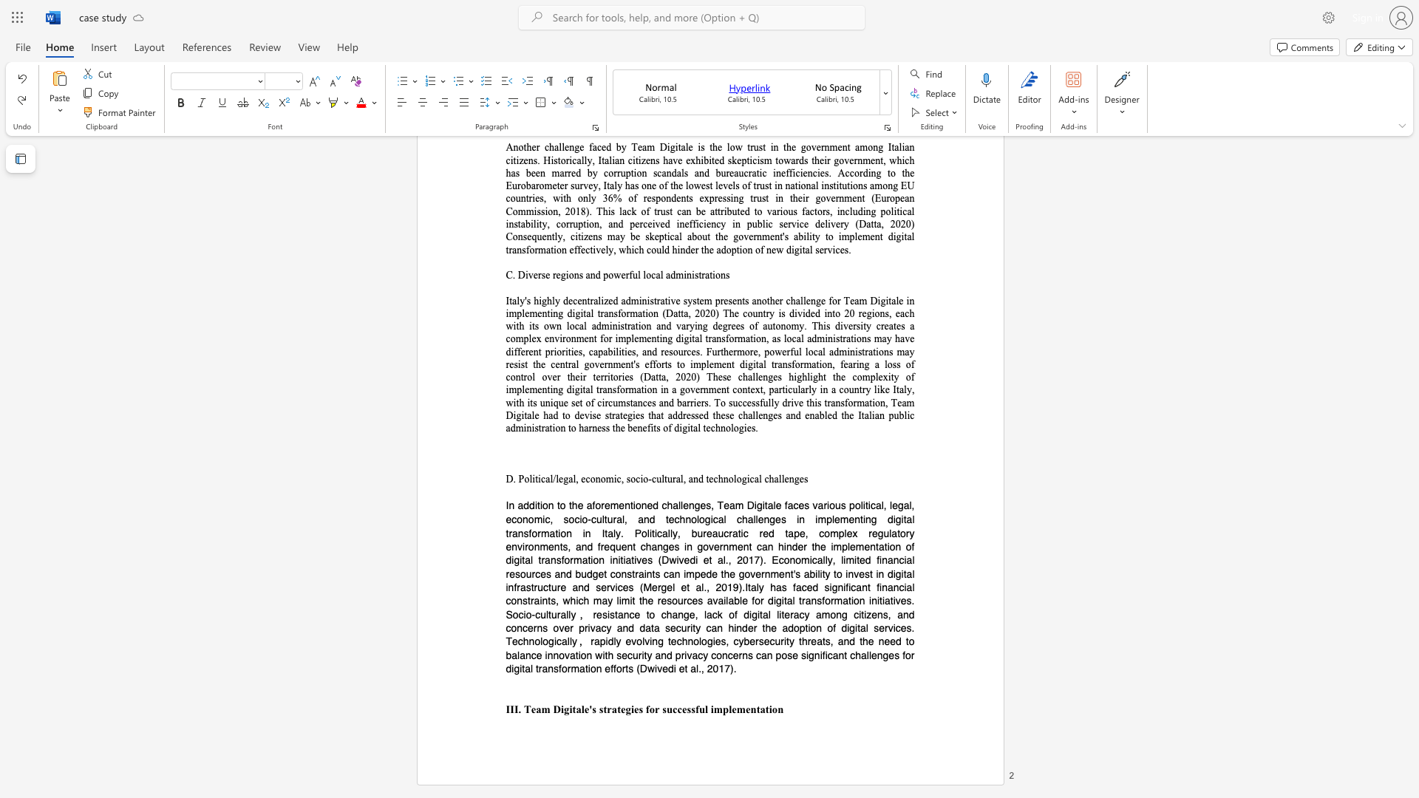 Image resolution: width=1419 pixels, height=798 pixels. What do you see at coordinates (682, 479) in the screenshot?
I see `the subset text ", and technolo" within the text "D. Political/legal, economic, socio-cultural, and technological challenges"` at bounding box center [682, 479].